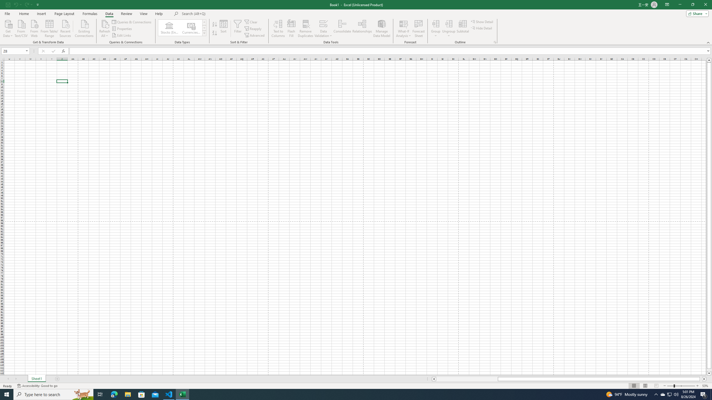 Image resolution: width=712 pixels, height=400 pixels. Describe the element at coordinates (34, 28) in the screenshot. I see `'From Web'` at that location.